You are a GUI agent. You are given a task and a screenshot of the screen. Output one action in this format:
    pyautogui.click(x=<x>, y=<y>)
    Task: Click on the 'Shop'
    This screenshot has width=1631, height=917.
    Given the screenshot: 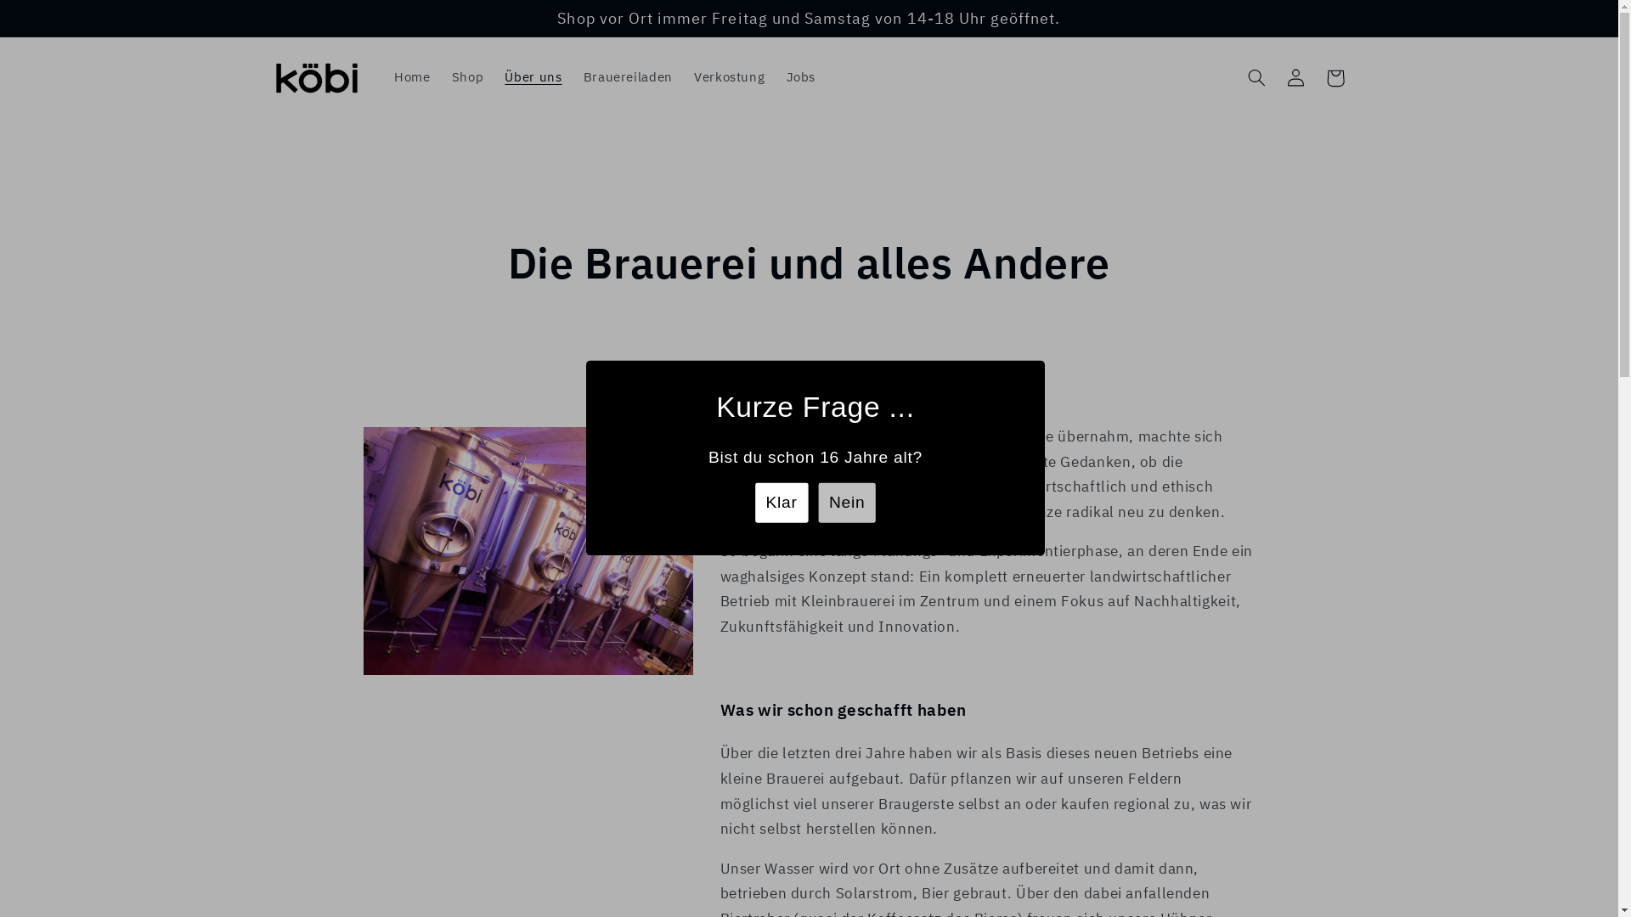 What is the action you would take?
    pyautogui.click(x=467, y=78)
    